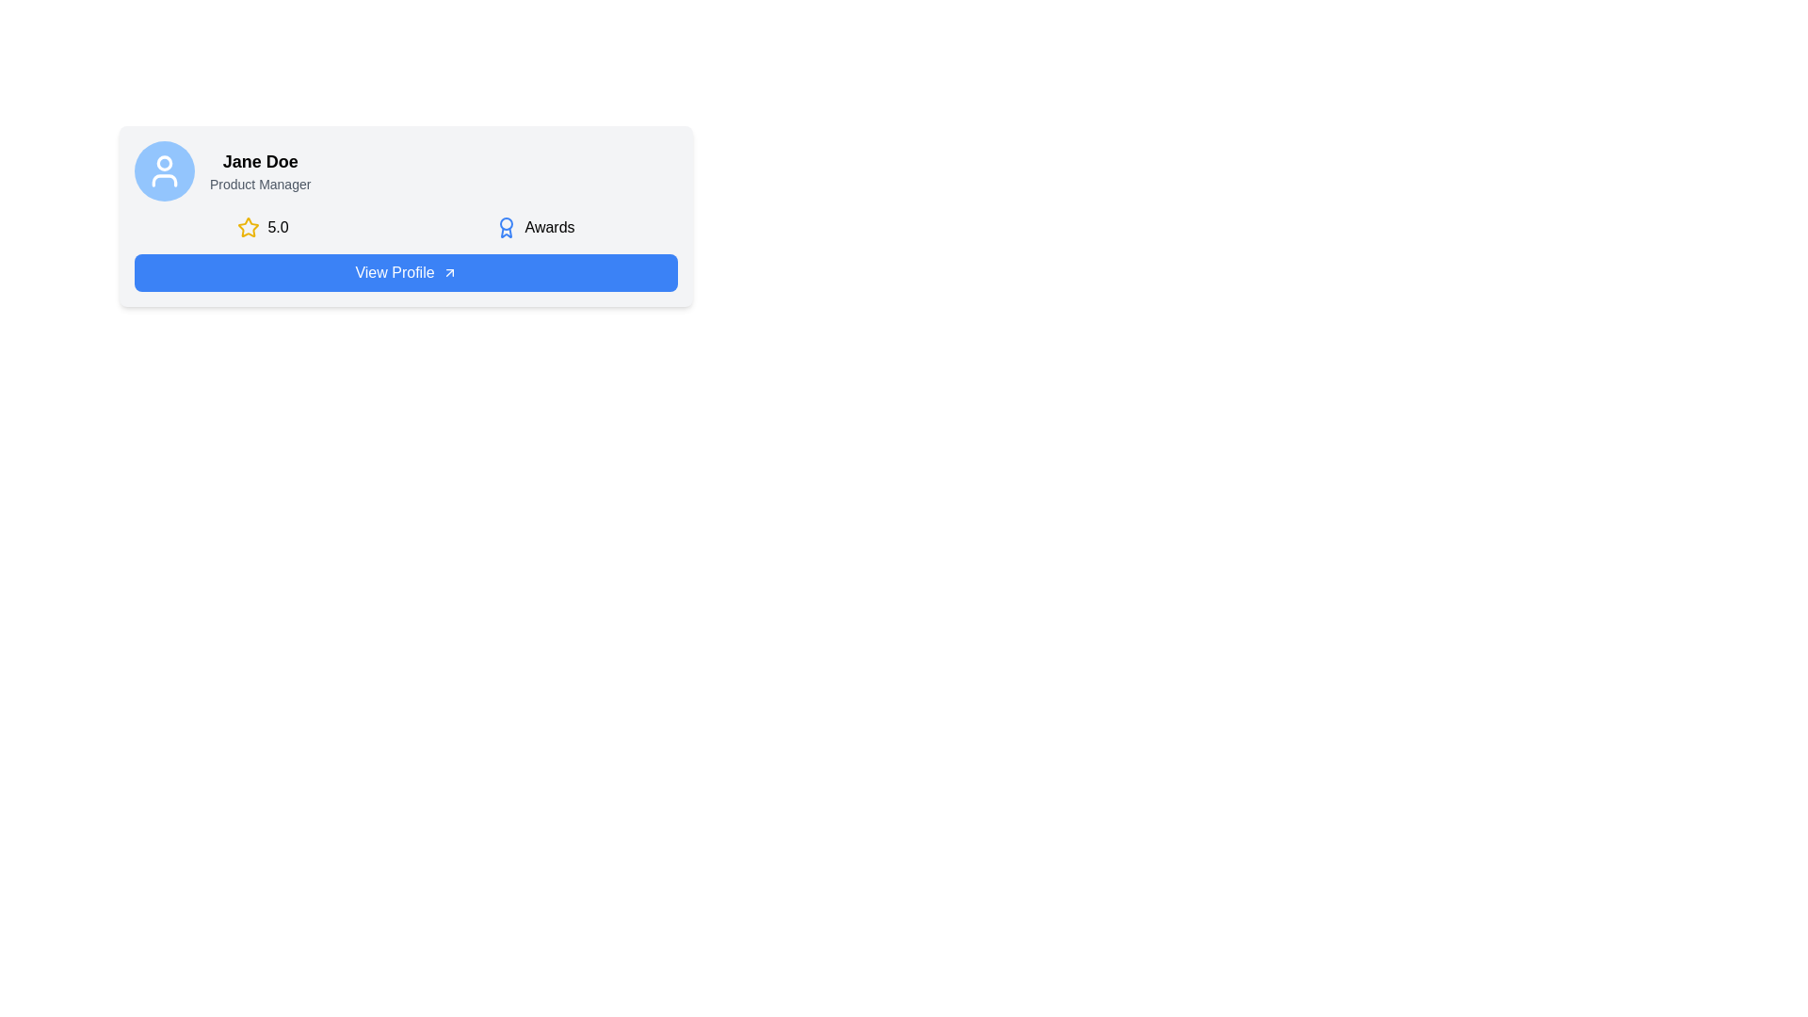 The image size is (1808, 1017). Describe the element at coordinates (262, 227) in the screenshot. I see `the rating display element consisting of a star icon and text` at that location.